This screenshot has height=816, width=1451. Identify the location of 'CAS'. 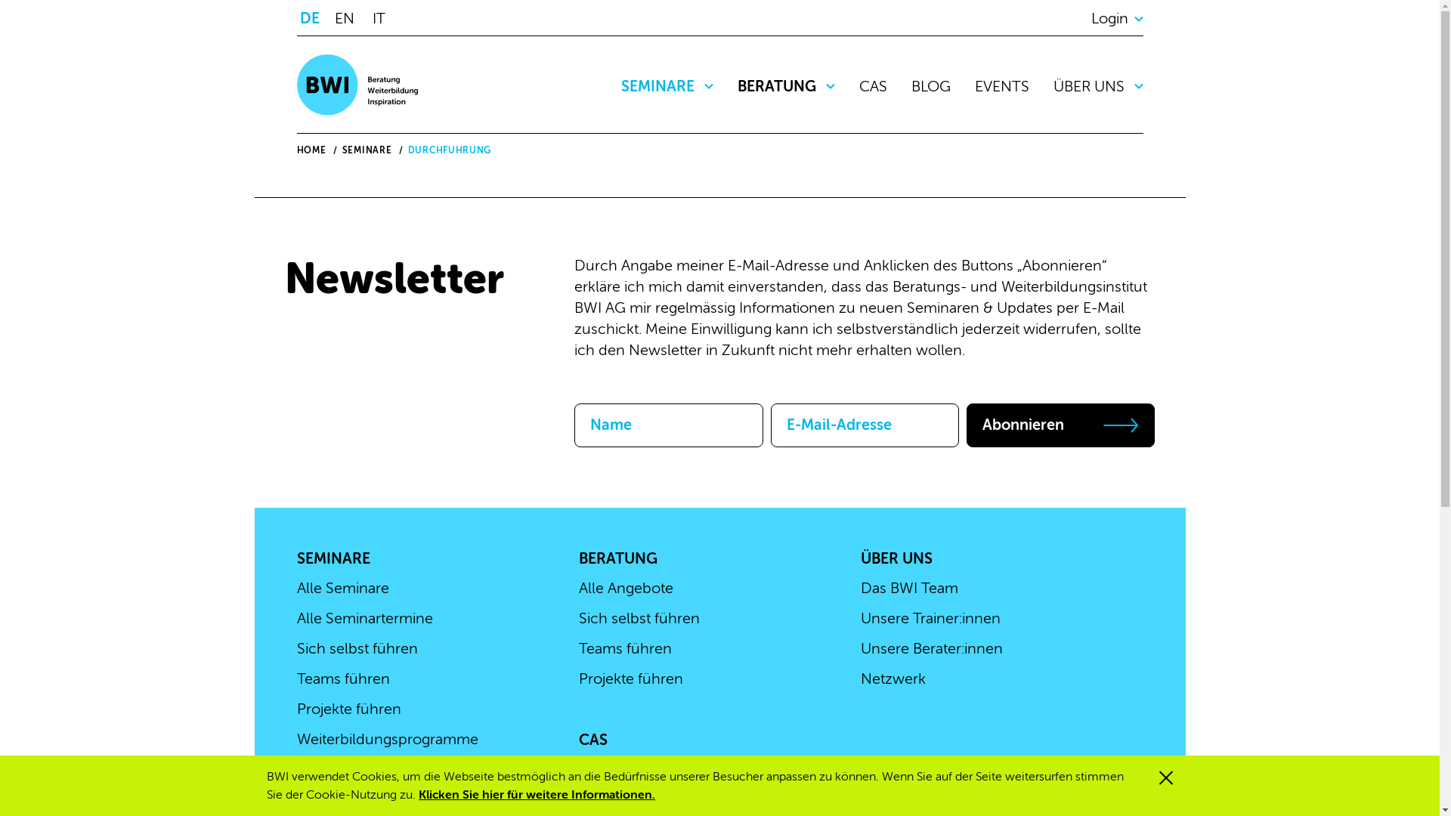
(592, 739).